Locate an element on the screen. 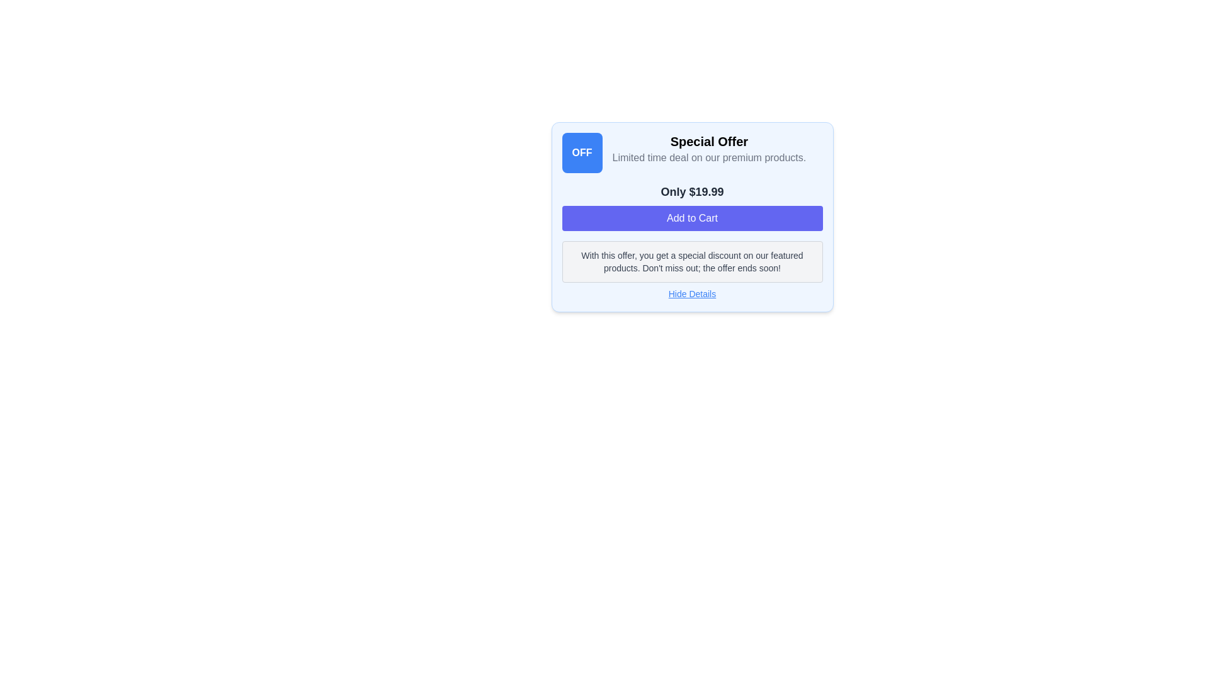  the add to cart button located below the text 'Only $19.99' in the promotional section to activate its hover effect is located at coordinates (691, 218).